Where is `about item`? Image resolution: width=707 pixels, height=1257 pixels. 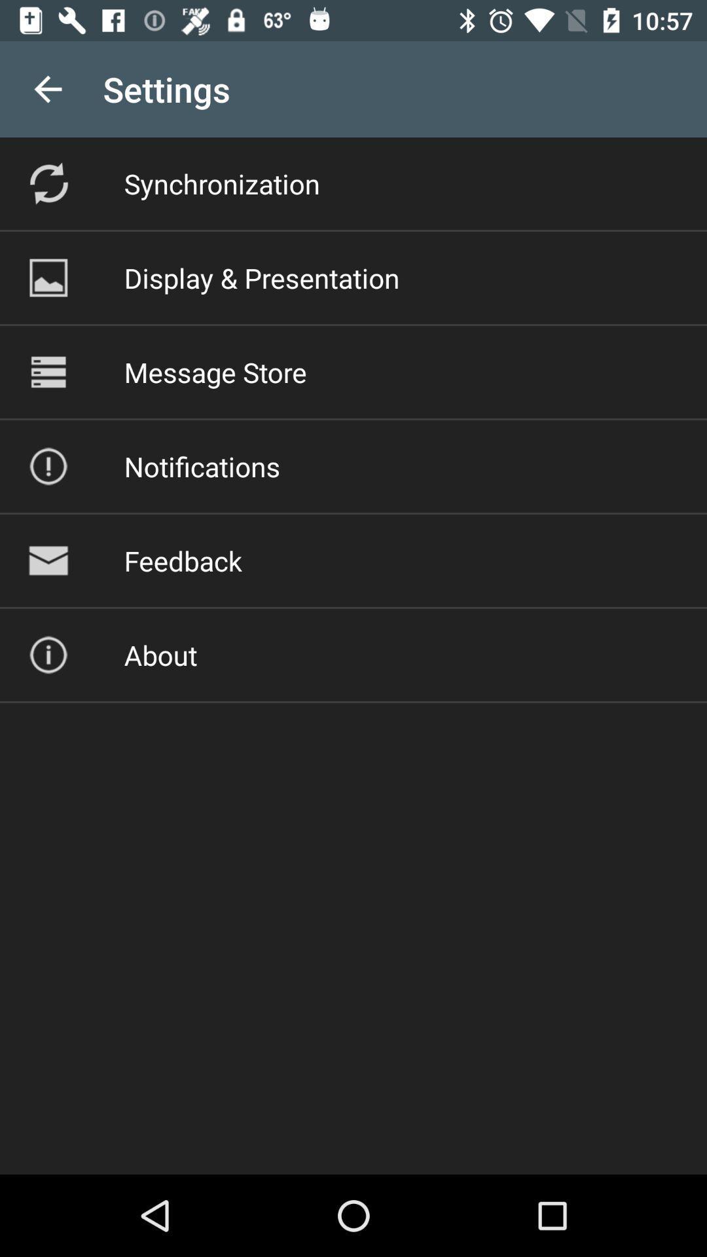 about item is located at coordinates (160, 655).